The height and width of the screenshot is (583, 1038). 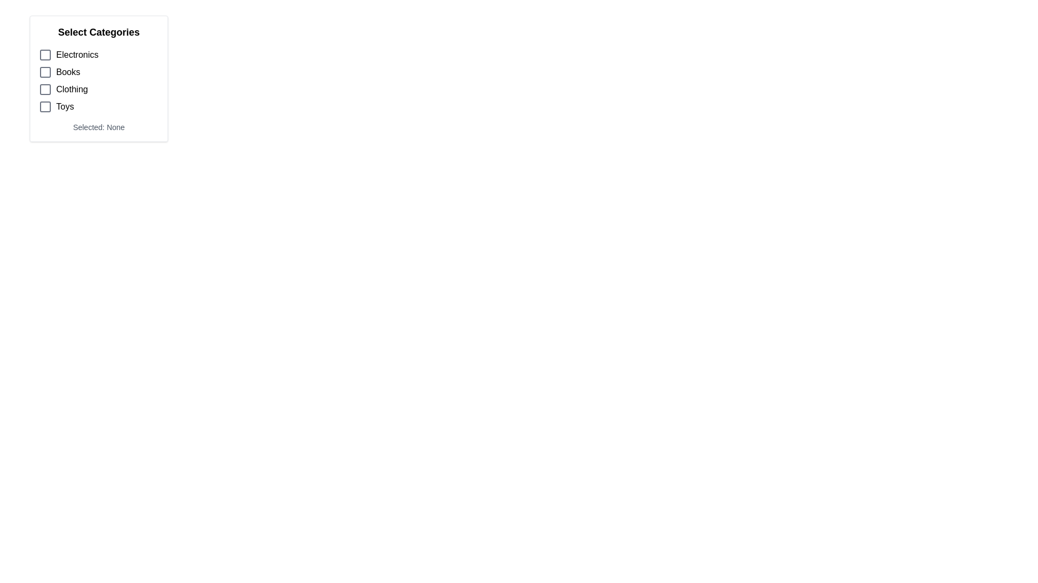 I want to click on descriptive label text of the third item in the vertical list of options under 'Select Categories', which is located to the right of the checkbox icon, so click(x=71, y=89).